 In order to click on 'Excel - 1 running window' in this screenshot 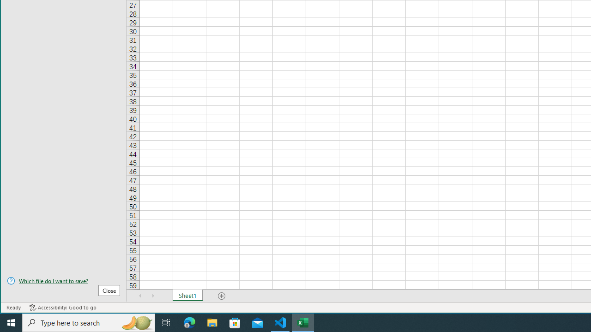, I will do `click(303, 322)`.